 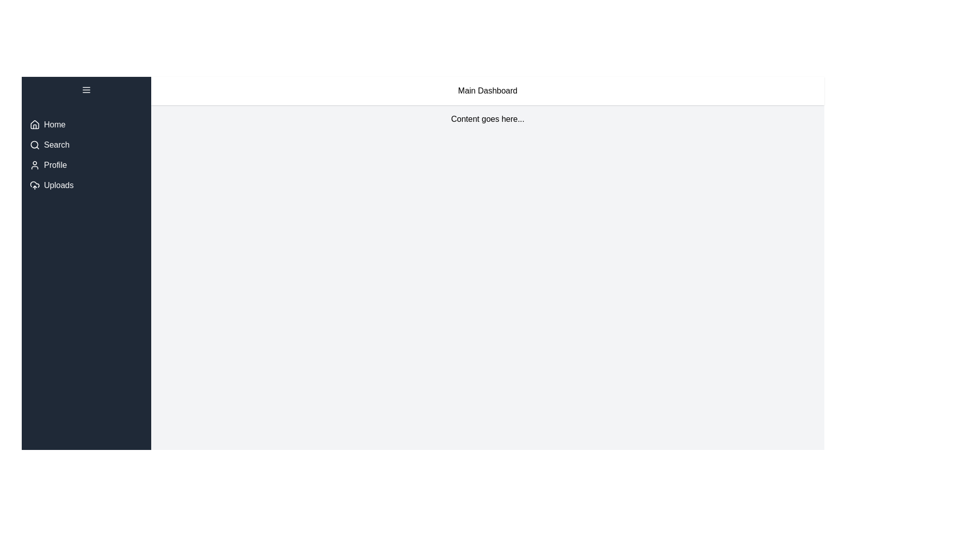 What do you see at coordinates (86, 185) in the screenshot?
I see `the fourth button in the vertical navigation list on the left sidebar, which accesses the 'Uploads' section` at bounding box center [86, 185].